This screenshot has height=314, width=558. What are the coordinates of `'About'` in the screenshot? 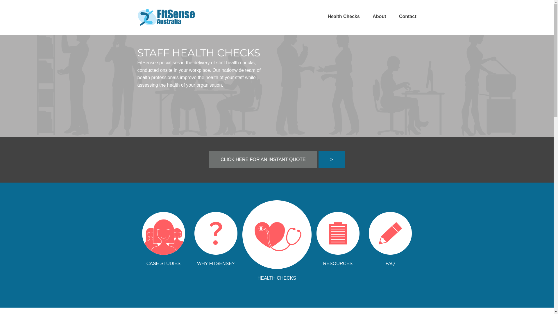 It's located at (379, 16).